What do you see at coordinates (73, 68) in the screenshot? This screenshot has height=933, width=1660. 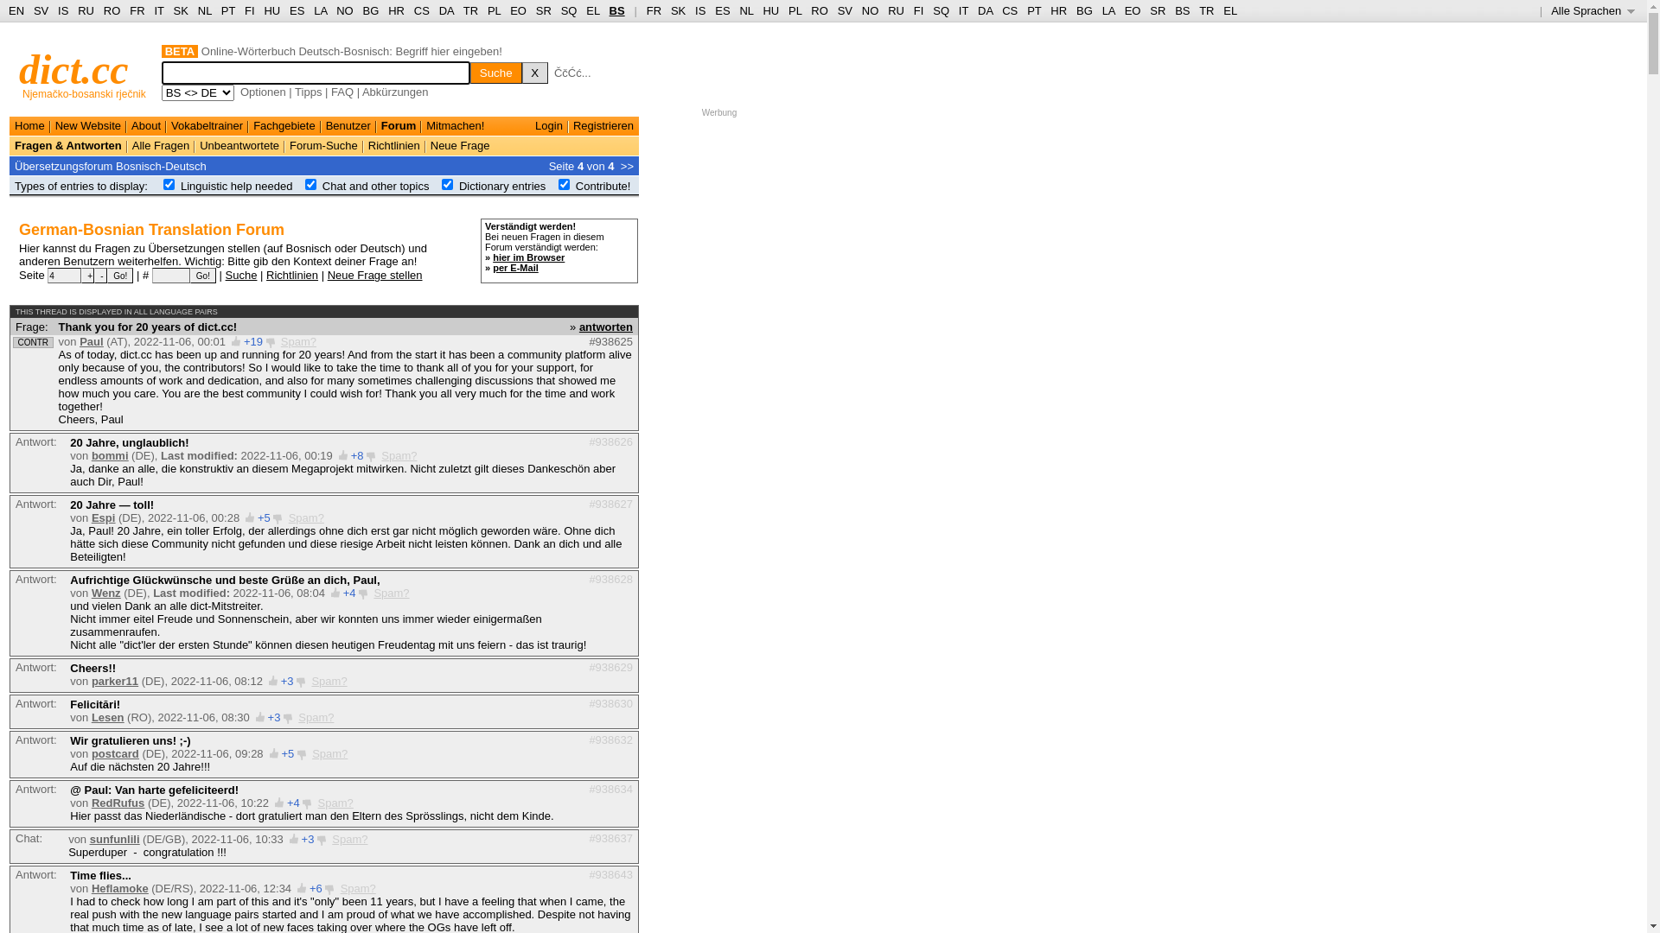 I see `'dict.cc'` at bounding box center [73, 68].